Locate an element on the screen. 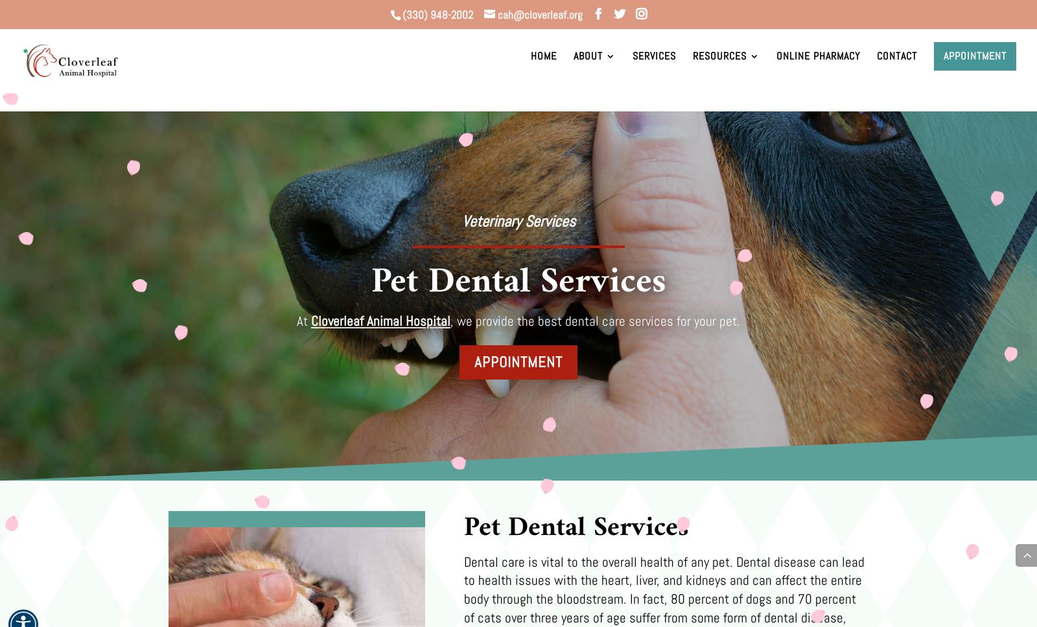 The image size is (1037, 627). 'Euthanasia Consent Form' is located at coordinates (873, 199).